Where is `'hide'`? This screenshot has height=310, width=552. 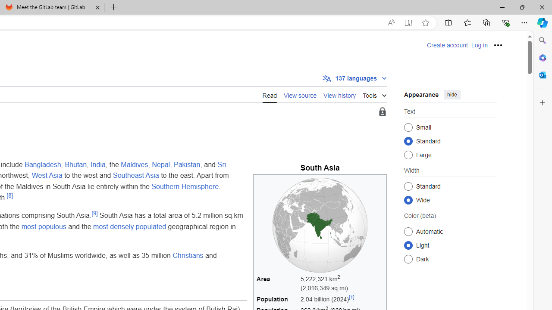
'hide' is located at coordinates (452, 94).